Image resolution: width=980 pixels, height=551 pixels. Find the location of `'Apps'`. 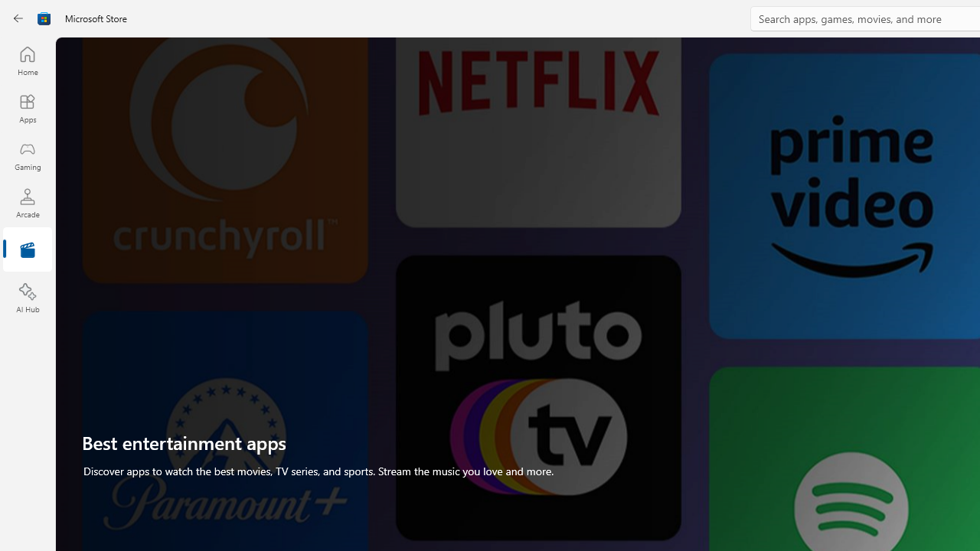

'Apps' is located at coordinates (27, 107).